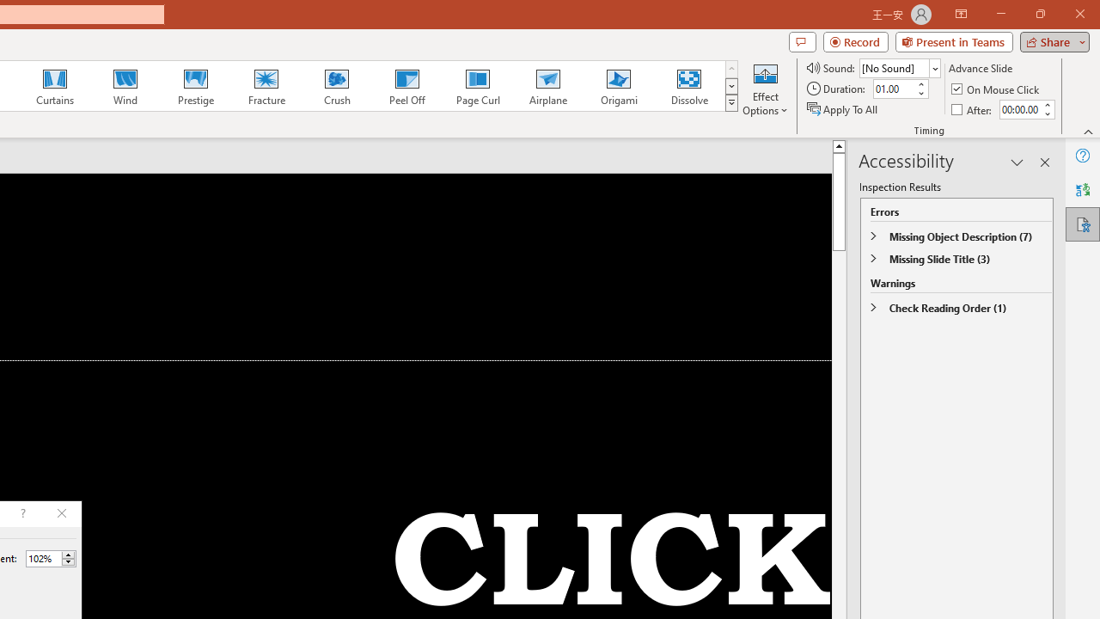  I want to click on 'Airplane', so click(547, 86).